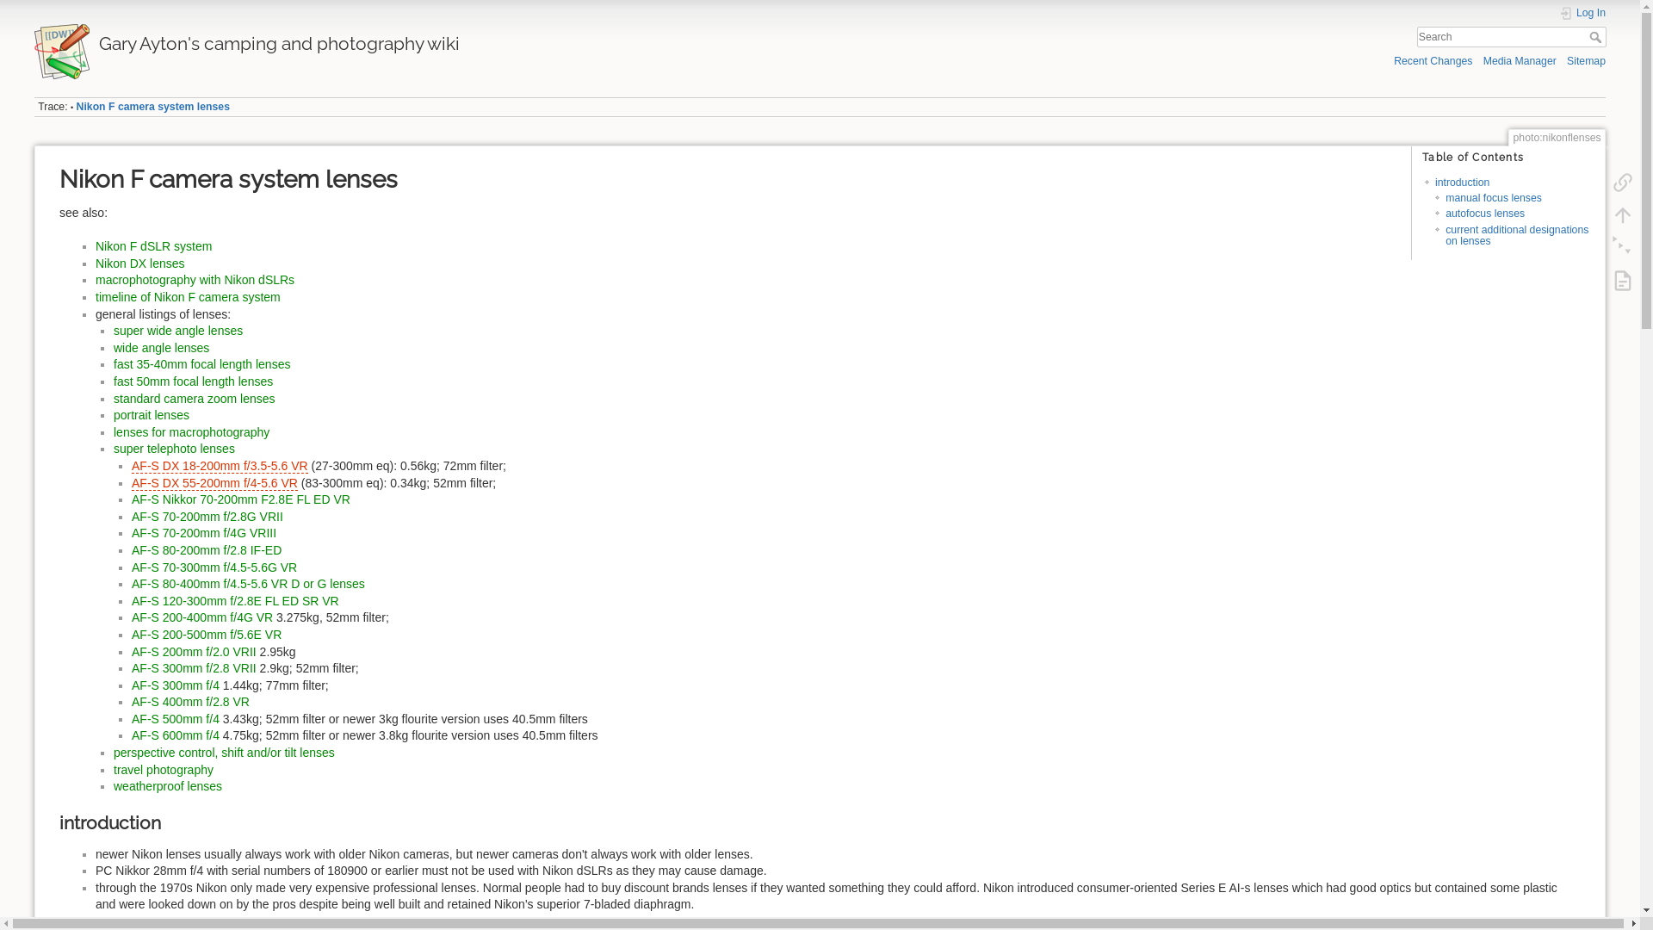 The image size is (1653, 930). I want to click on 'Log In', so click(1582, 13).